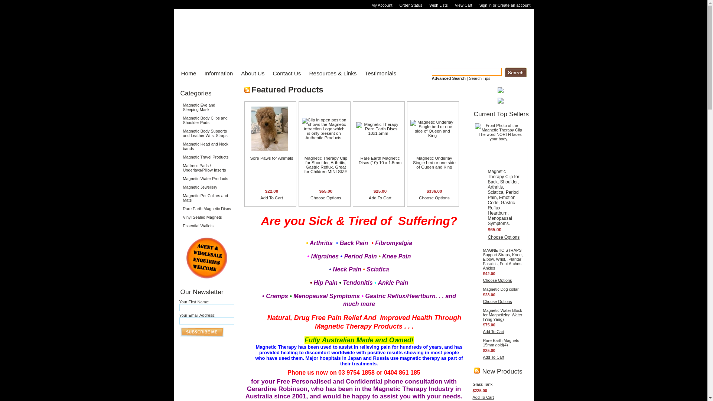  What do you see at coordinates (179, 179) in the screenshot?
I see `'Magnetic Water Products'` at bounding box center [179, 179].